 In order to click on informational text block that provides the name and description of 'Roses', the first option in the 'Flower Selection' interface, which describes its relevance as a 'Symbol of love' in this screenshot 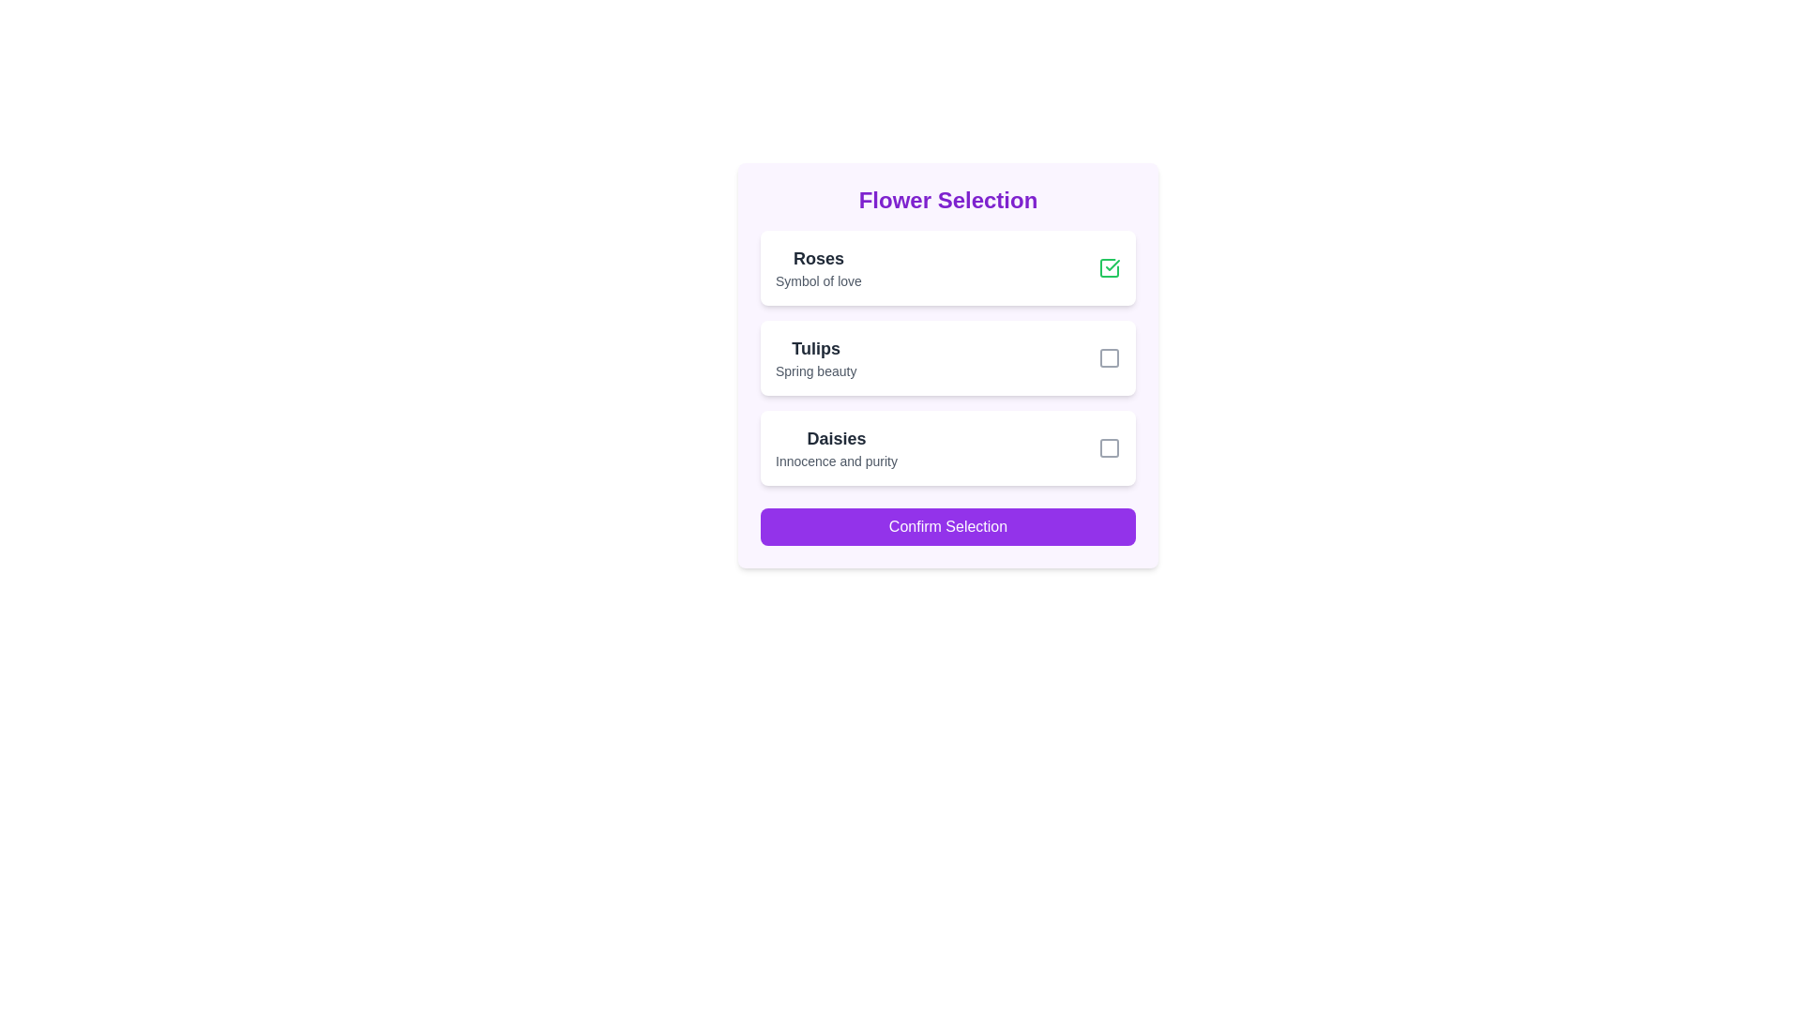, I will do `click(818, 267)`.